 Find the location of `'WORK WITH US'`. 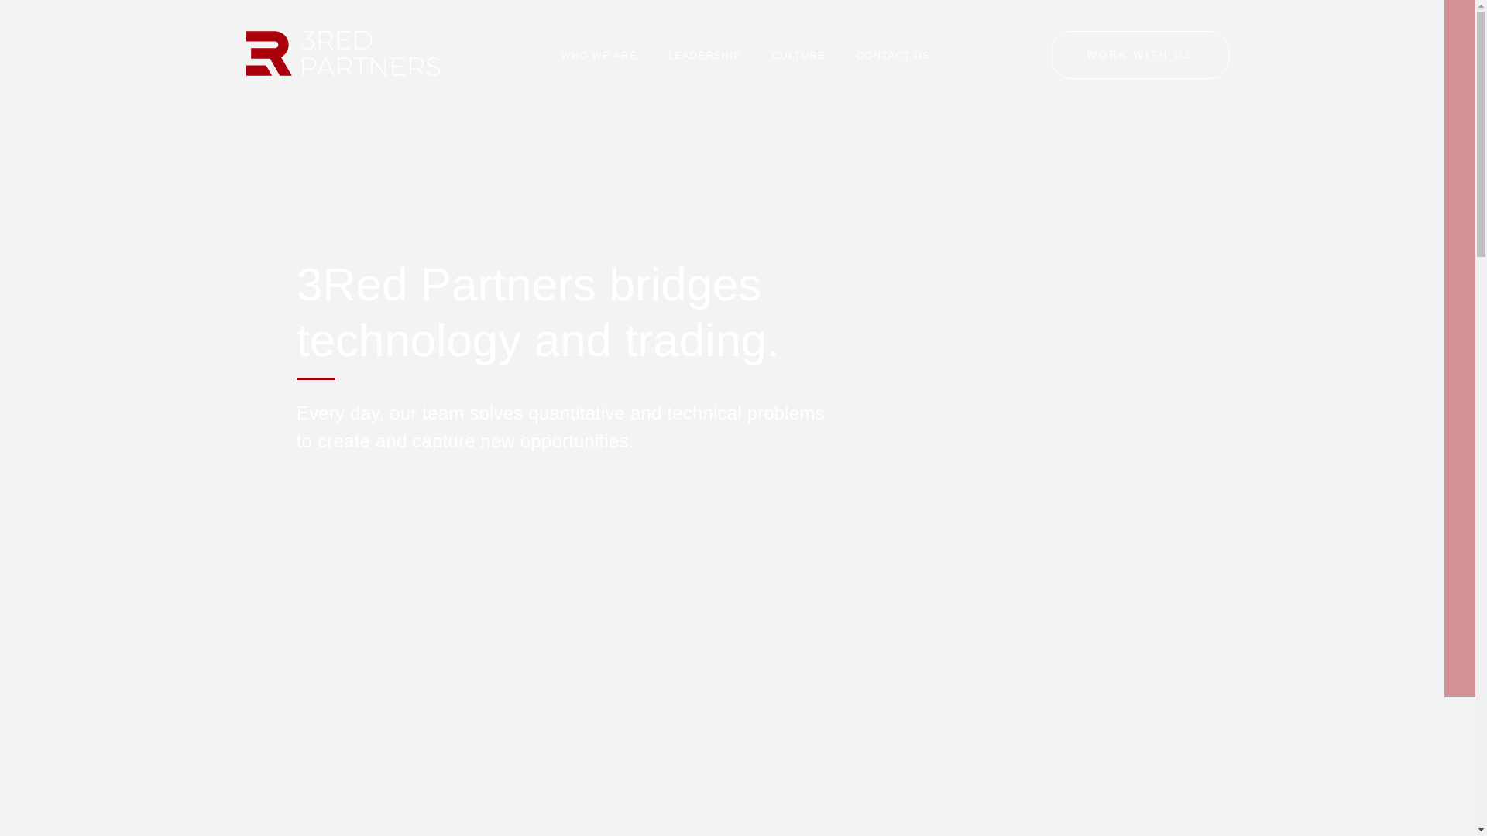

'WORK WITH US' is located at coordinates (1140, 53).